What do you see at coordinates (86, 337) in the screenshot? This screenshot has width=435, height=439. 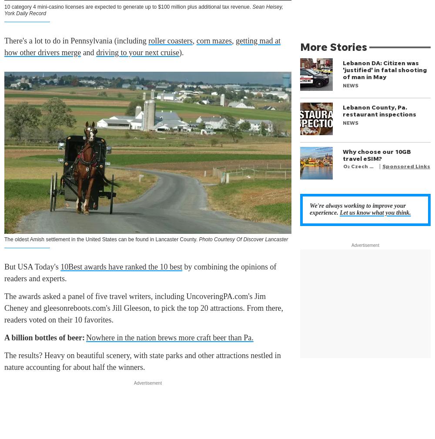 I see `'Nowhere in the nation brews more craft beer than Pa.'` at bounding box center [86, 337].